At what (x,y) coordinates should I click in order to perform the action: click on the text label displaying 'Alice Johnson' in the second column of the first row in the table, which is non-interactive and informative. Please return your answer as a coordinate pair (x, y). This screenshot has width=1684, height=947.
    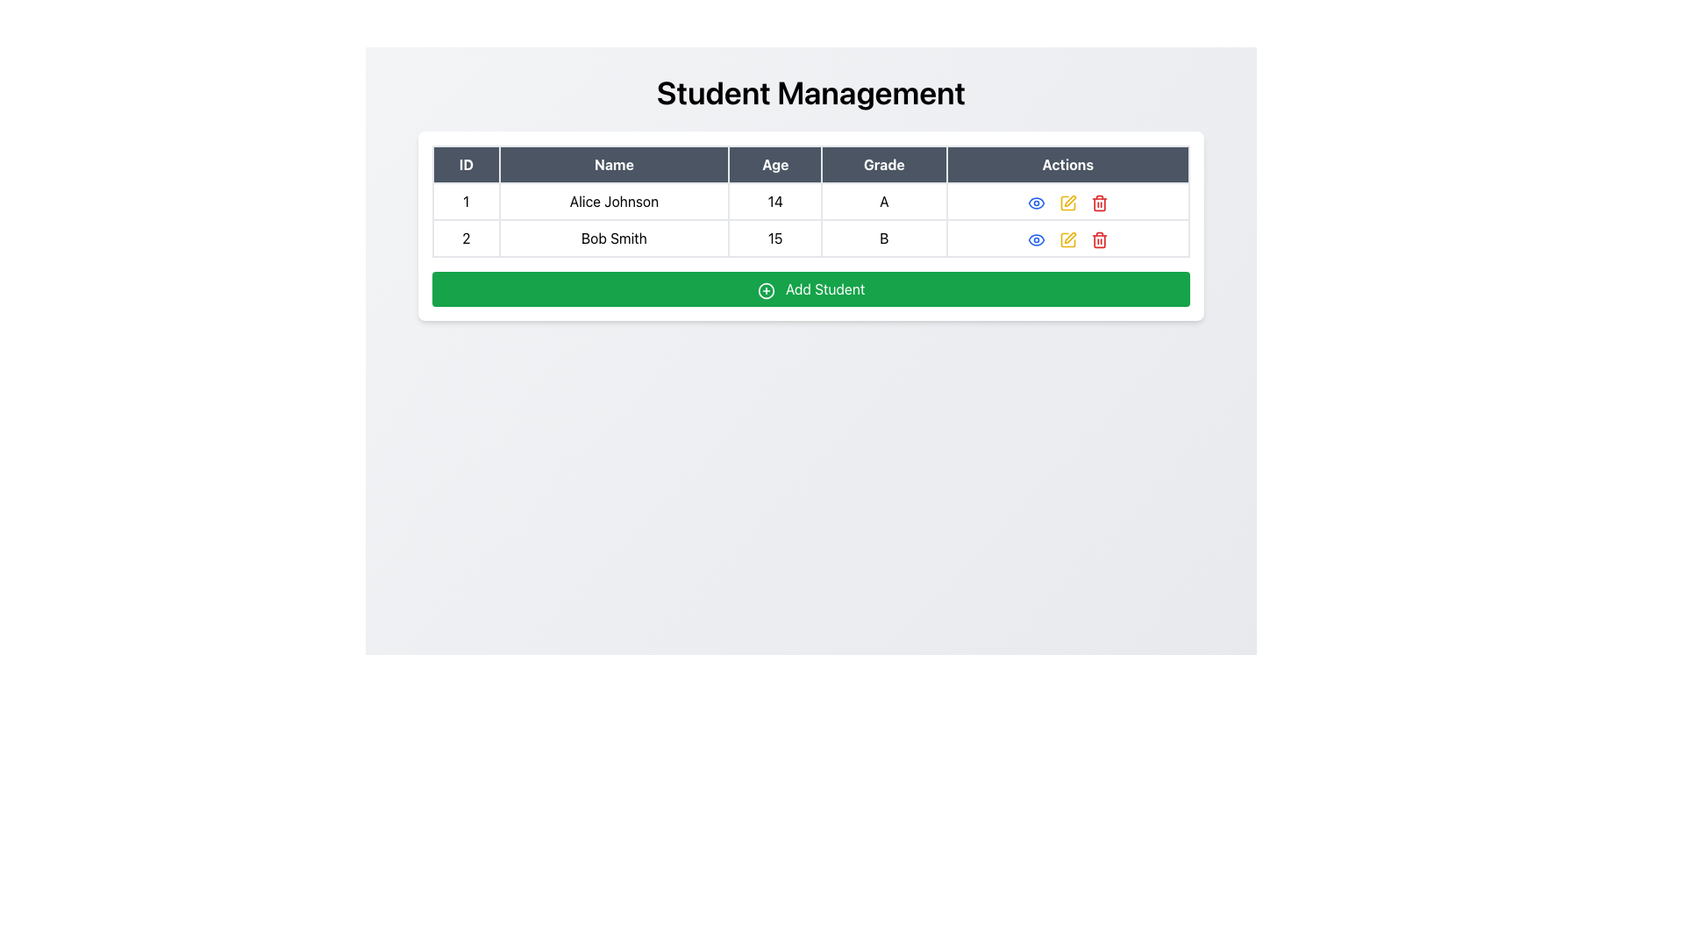
    Looking at the image, I should click on (614, 201).